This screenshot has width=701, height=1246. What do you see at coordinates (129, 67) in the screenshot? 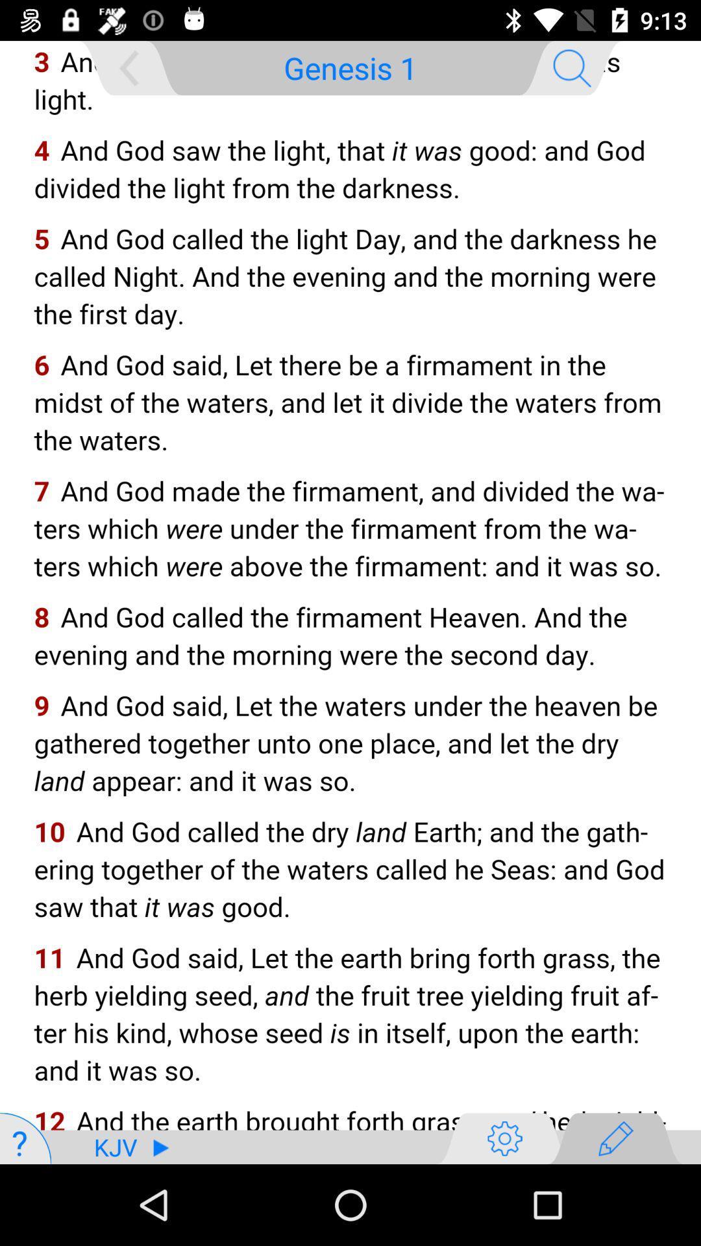
I see `the arrow_backward icon` at bounding box center [129, 67].